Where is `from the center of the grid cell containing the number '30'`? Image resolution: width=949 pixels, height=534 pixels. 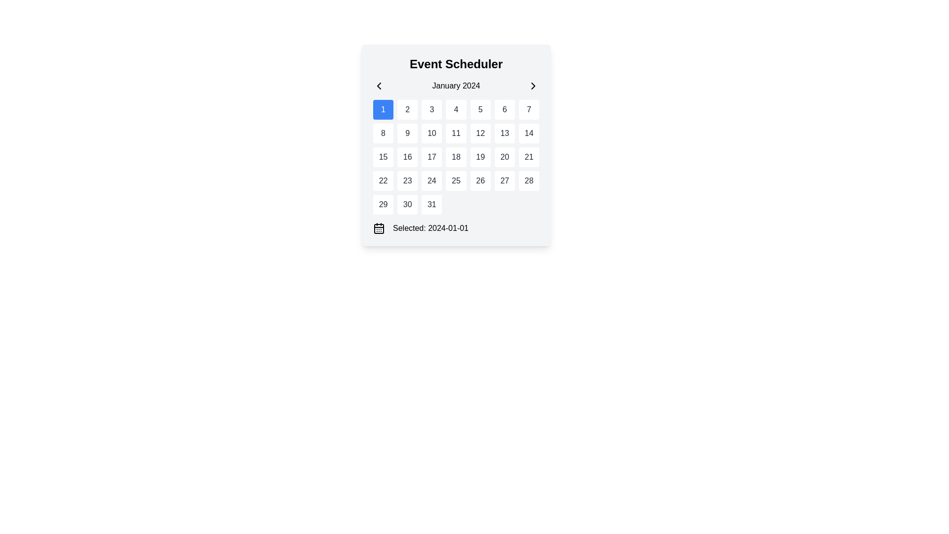
from the center of the grid cell containing the number '30' is located at coordinates (407, 204).